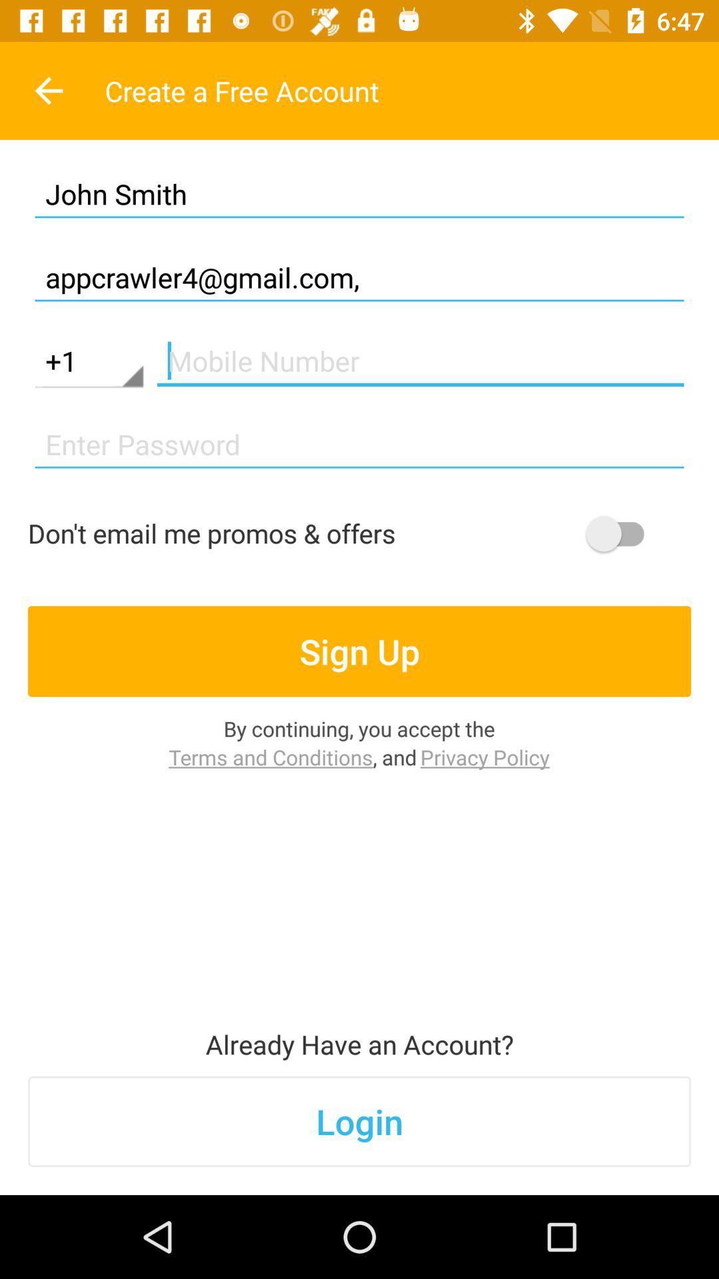  Describe the element at coordinates (621, 534) in the screenshot. I see `email promos` at that location.